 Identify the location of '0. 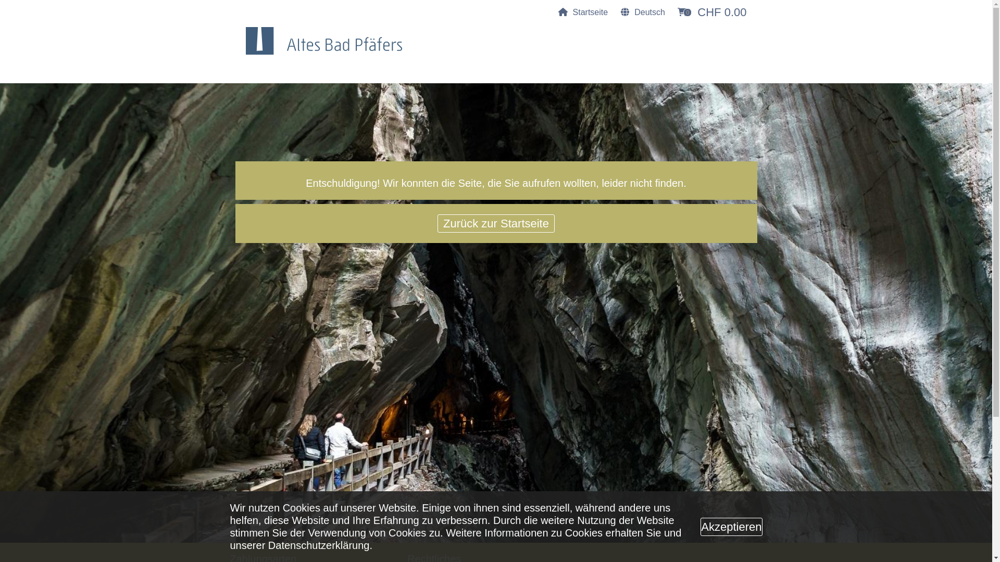
(711, 12).